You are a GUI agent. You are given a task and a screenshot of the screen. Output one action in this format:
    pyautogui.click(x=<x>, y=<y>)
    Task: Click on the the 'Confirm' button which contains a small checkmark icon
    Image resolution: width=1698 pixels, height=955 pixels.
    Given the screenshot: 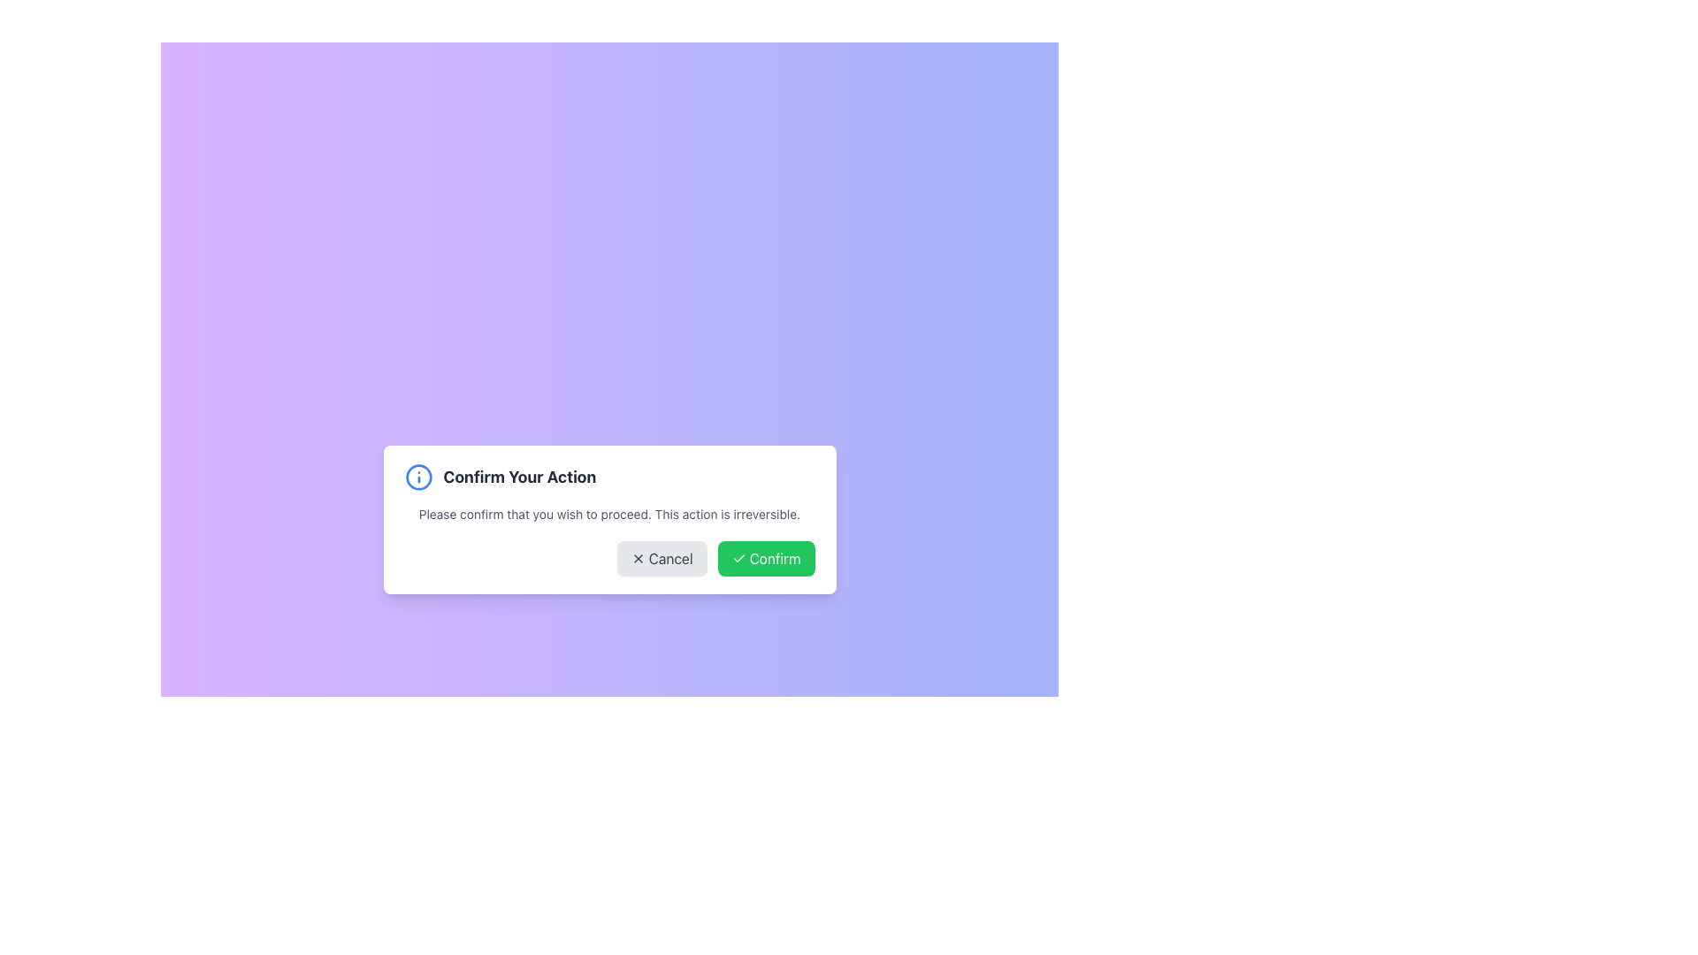 What is the action you would take?
    pyautogui.click(x=738, y=559)
    